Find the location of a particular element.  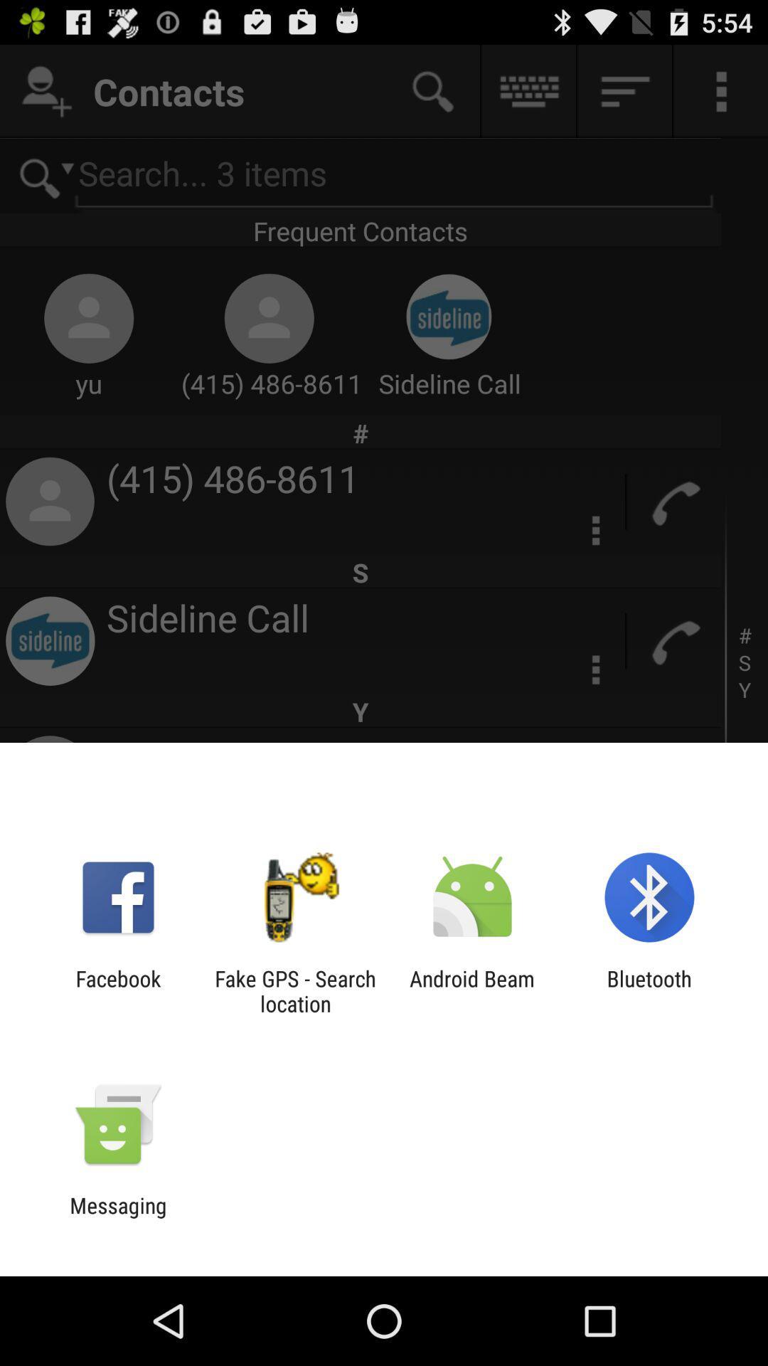

the icon next to fake gps search icon is located at coordinates (472, 990).